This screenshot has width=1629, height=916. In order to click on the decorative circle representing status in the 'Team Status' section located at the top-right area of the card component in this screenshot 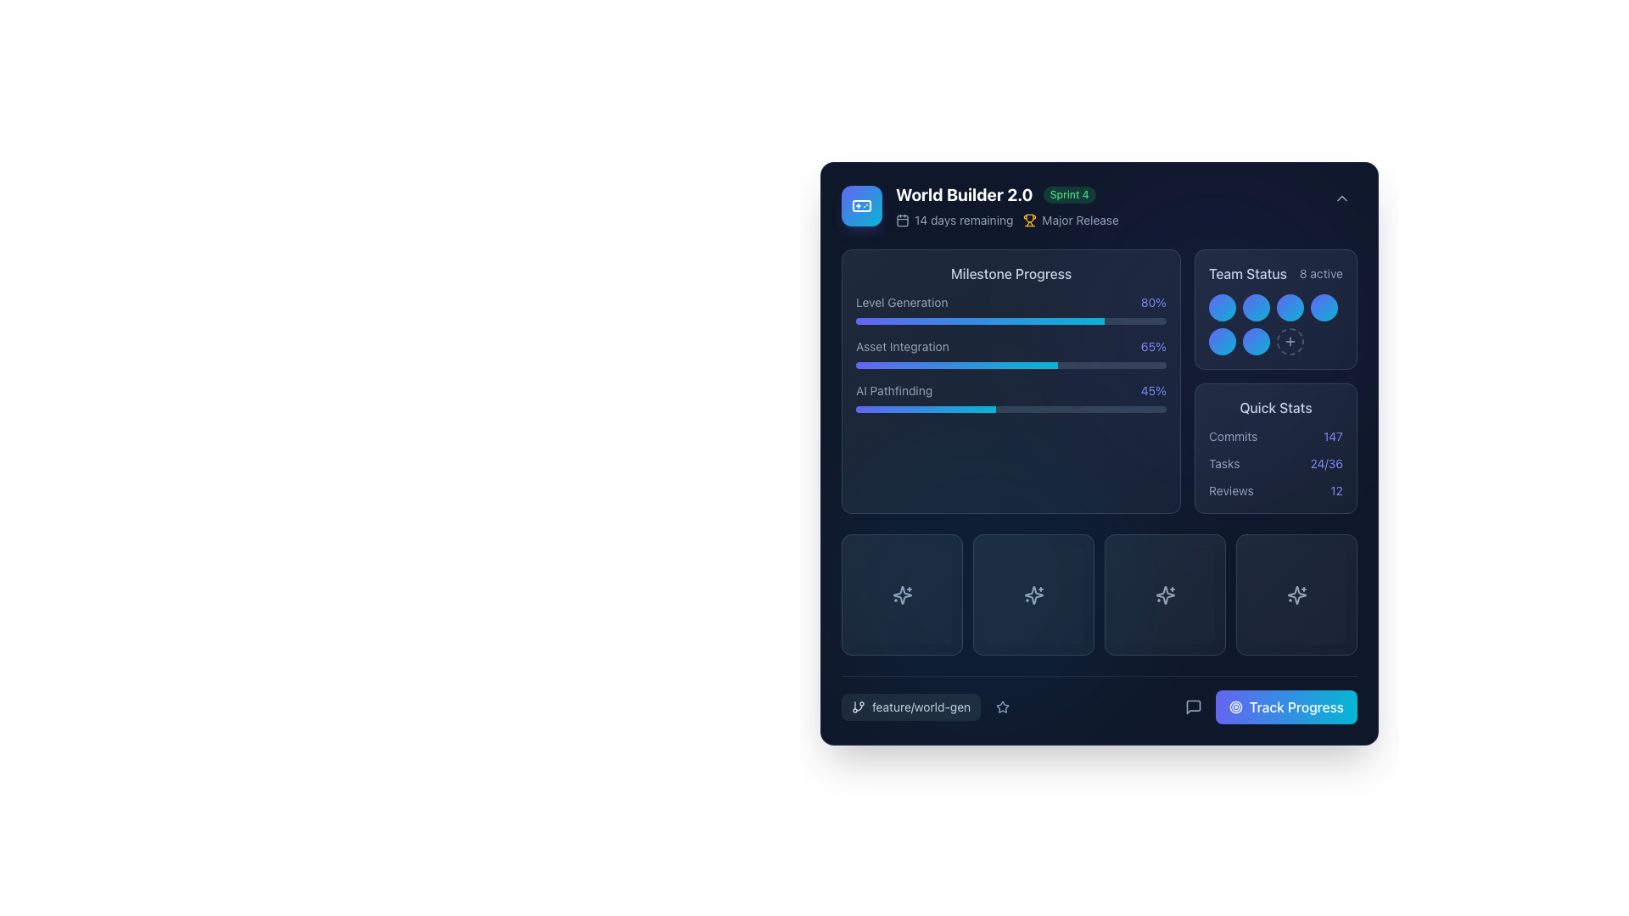, I will do `click(1257, 307)`.